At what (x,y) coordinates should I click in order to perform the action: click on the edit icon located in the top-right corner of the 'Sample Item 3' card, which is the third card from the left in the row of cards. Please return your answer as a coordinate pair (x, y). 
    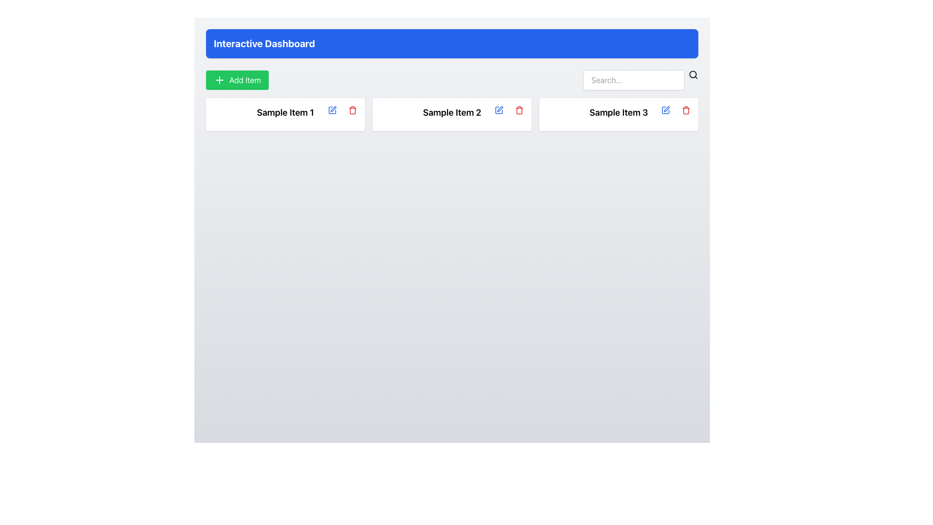
    Looking at the image, I should click on (665, 110).